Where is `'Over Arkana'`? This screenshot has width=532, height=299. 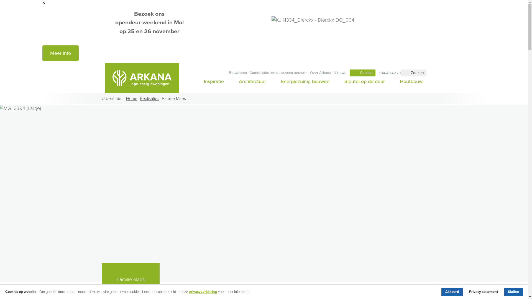
'Over Arkana' is located at coordinates (308, 73).